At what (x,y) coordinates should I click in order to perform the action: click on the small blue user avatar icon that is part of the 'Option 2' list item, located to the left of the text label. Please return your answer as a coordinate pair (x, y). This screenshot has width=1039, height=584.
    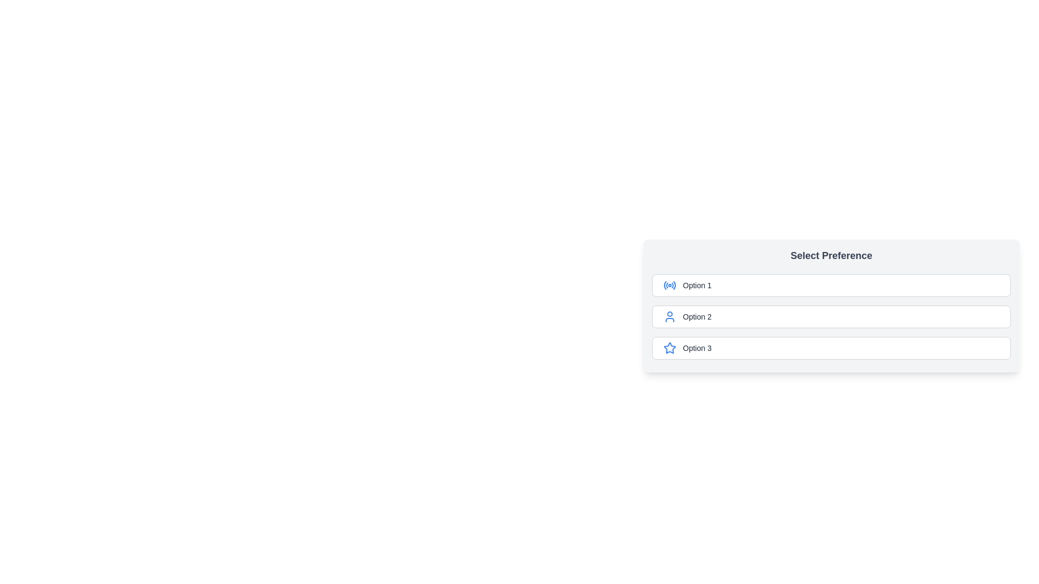
    Looking at the image, I should click on (669, 316).